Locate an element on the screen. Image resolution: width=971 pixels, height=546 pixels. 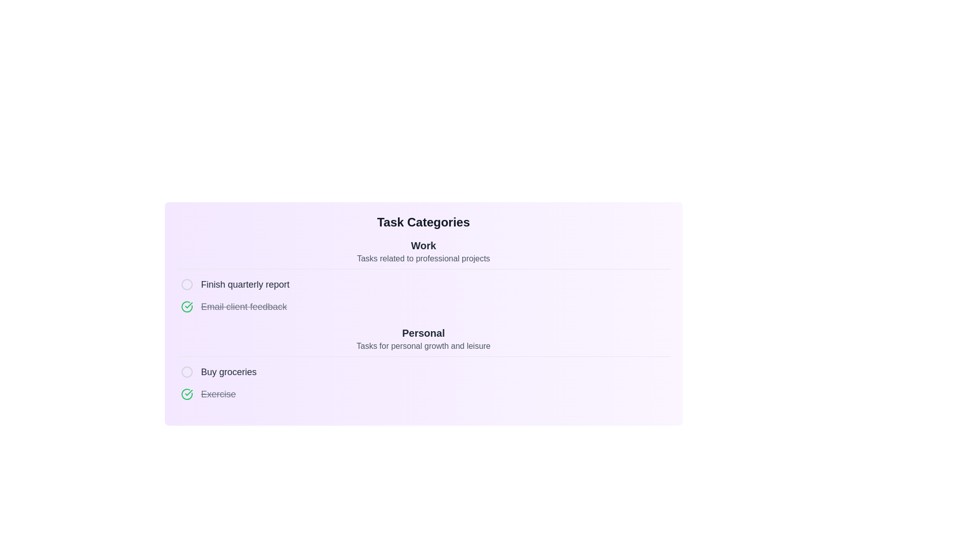
the text 'Finish quarterly report' in the first list item under the 'Work' section is located at coordinates (235, 285).